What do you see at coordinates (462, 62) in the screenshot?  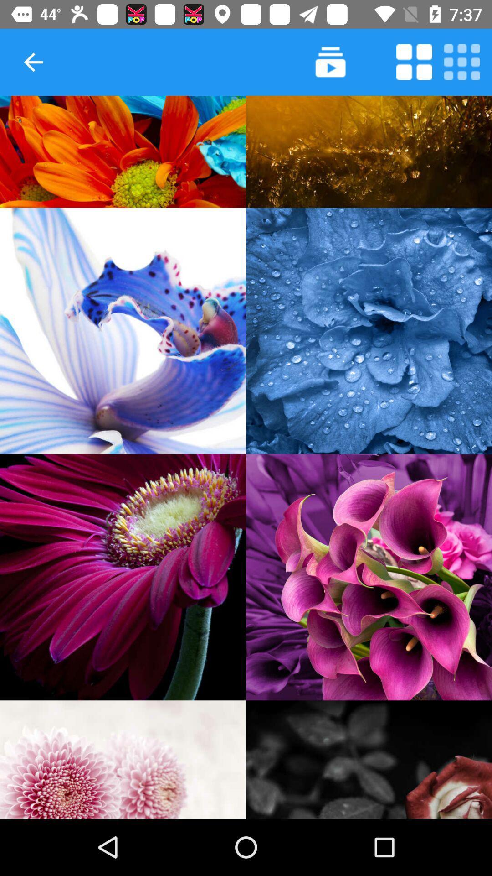 I see `grid` at bounding box center [462, 62].